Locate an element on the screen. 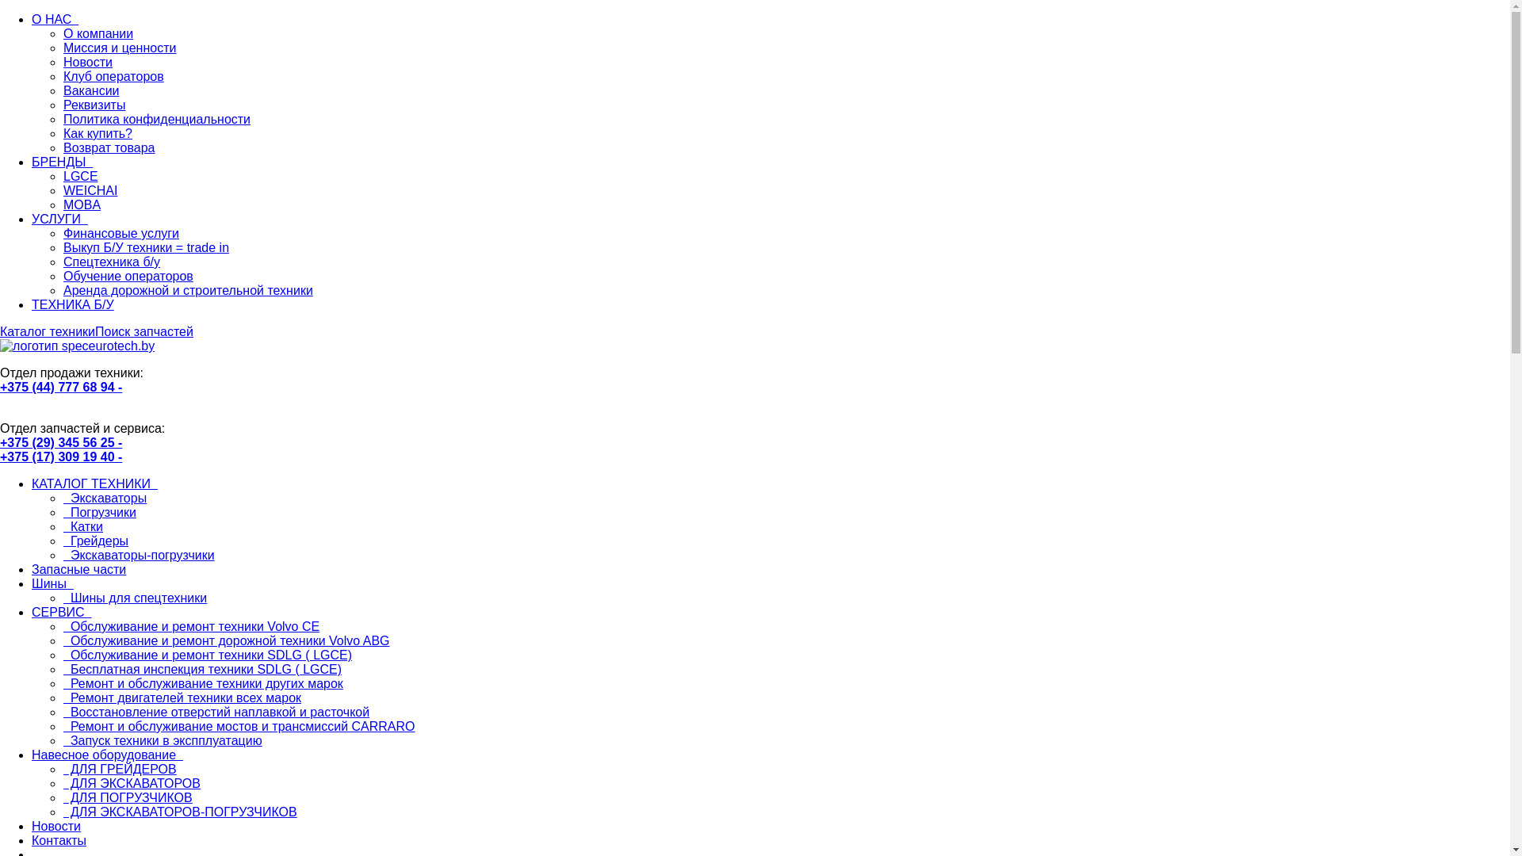 Image resolution: width=1522 pixels, height=856 pixels. 'LGCE' is located at coordinates (63, 176).